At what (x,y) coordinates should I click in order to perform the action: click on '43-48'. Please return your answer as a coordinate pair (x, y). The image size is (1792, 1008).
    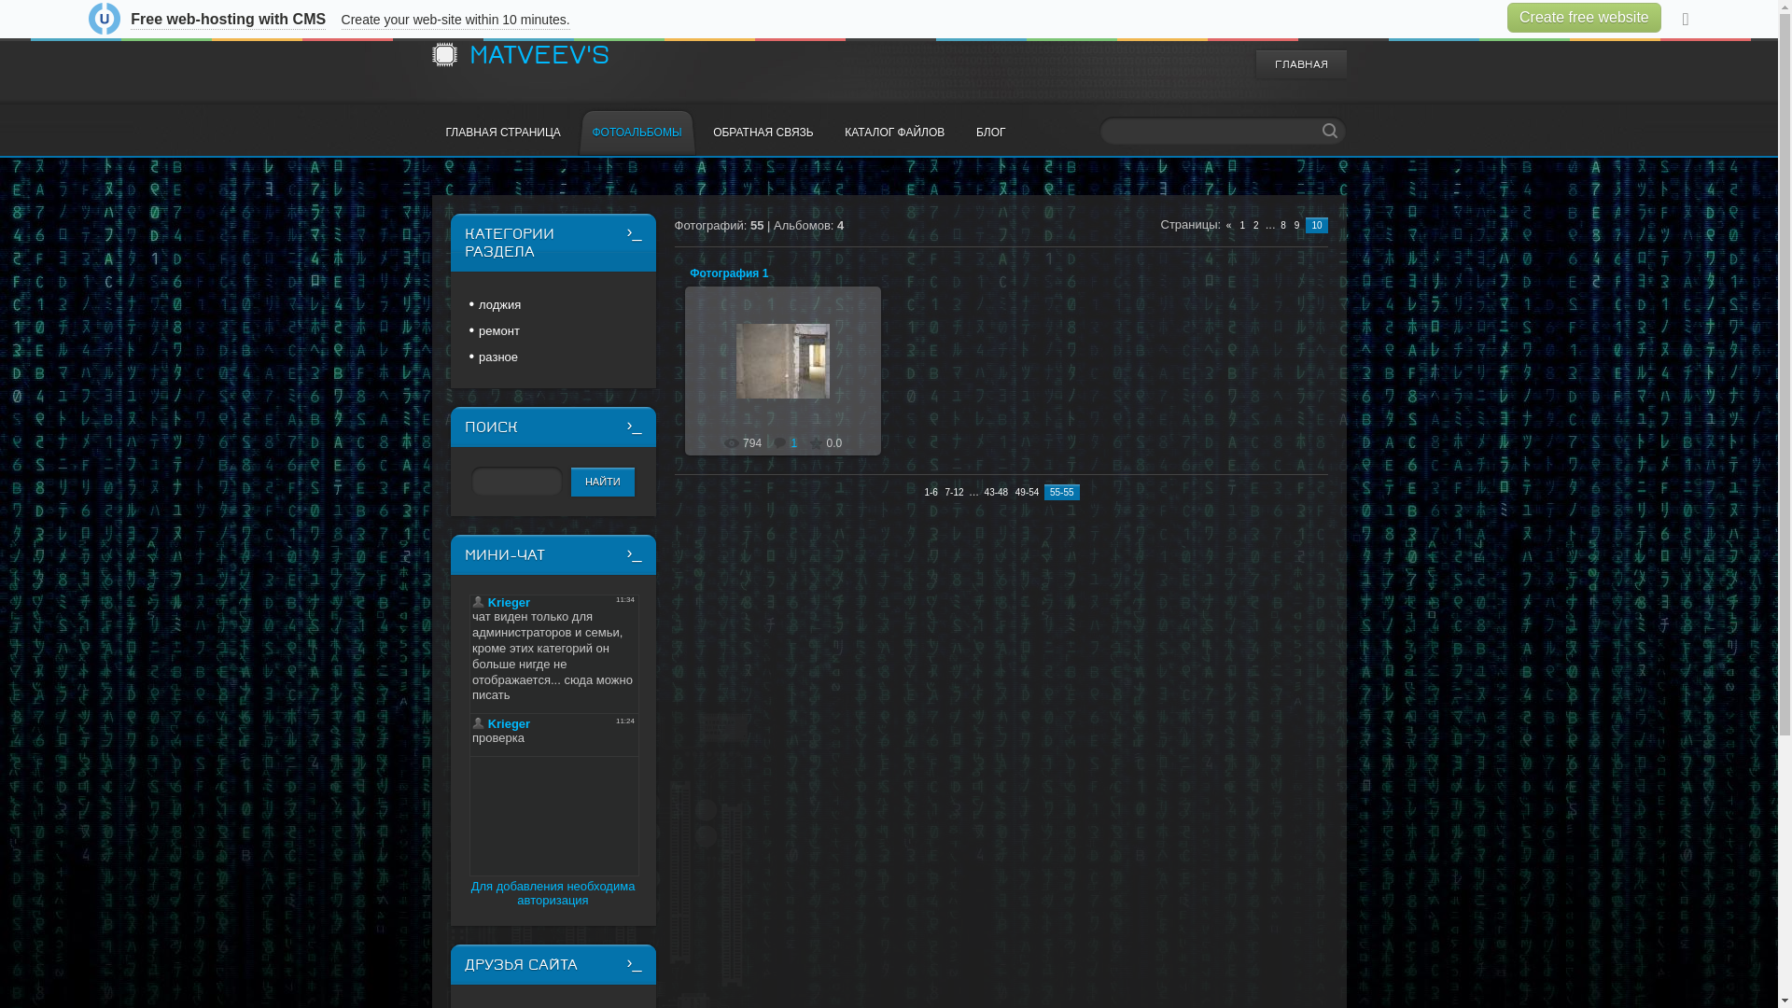
    Looking at the image, I should click on (996, 491).